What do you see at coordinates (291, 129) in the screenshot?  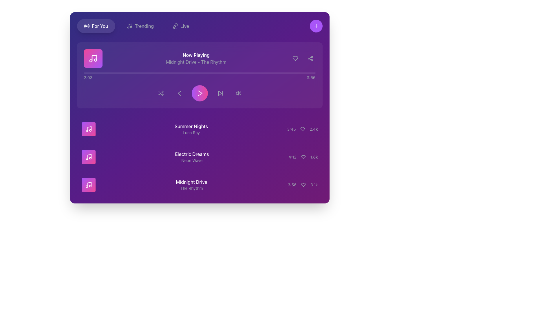 I see `the text label displaying '3:45', which is located in the upper-right section of the list item 'Summer Nights by Luna Ray', positioned to the left of a heart icon` at bounding box center [291, 129].